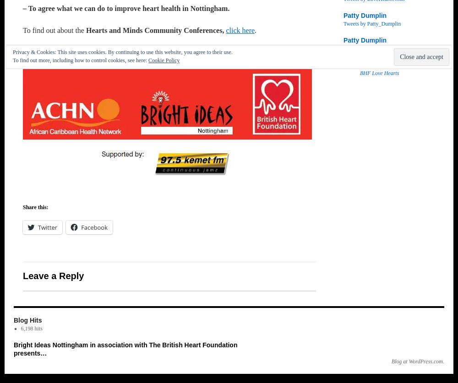 The height and width of the screenshot is (383, 458). Describe the element at coordinates (155, 30) in the screenshot. I see `'Hearts and Minds Community Conferences,'` at that location.